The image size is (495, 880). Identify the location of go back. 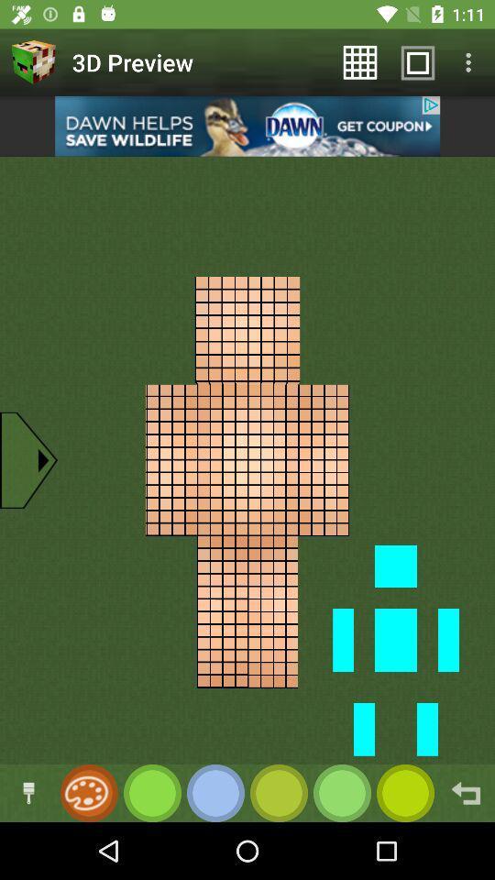
(466, 792).